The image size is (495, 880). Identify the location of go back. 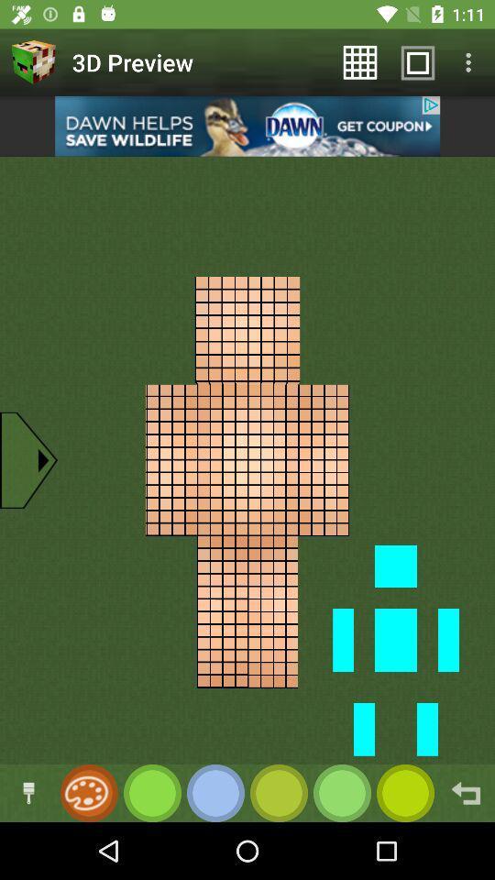
(466, 792).